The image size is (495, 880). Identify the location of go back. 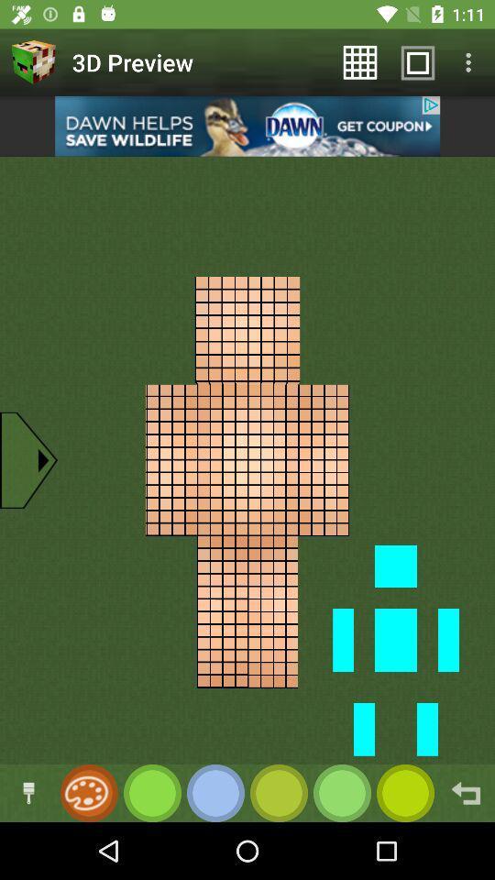
(466, 792).